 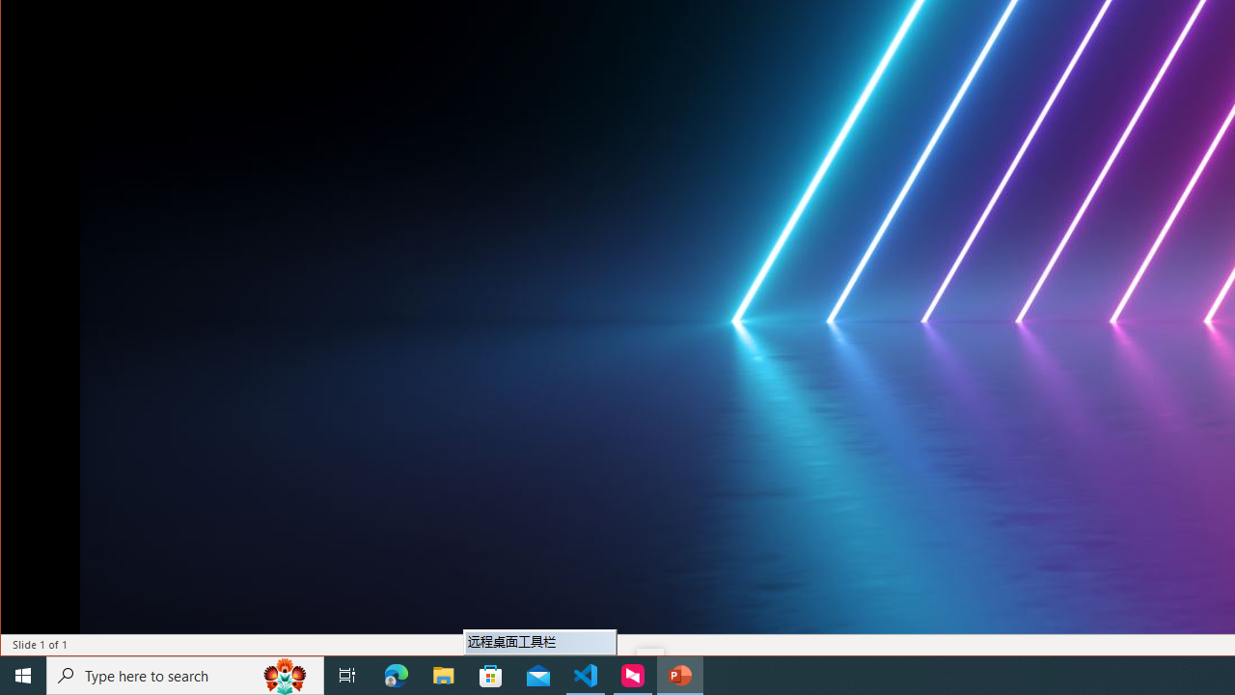 I want to click on 'Task View', so click(x=346, y=674).